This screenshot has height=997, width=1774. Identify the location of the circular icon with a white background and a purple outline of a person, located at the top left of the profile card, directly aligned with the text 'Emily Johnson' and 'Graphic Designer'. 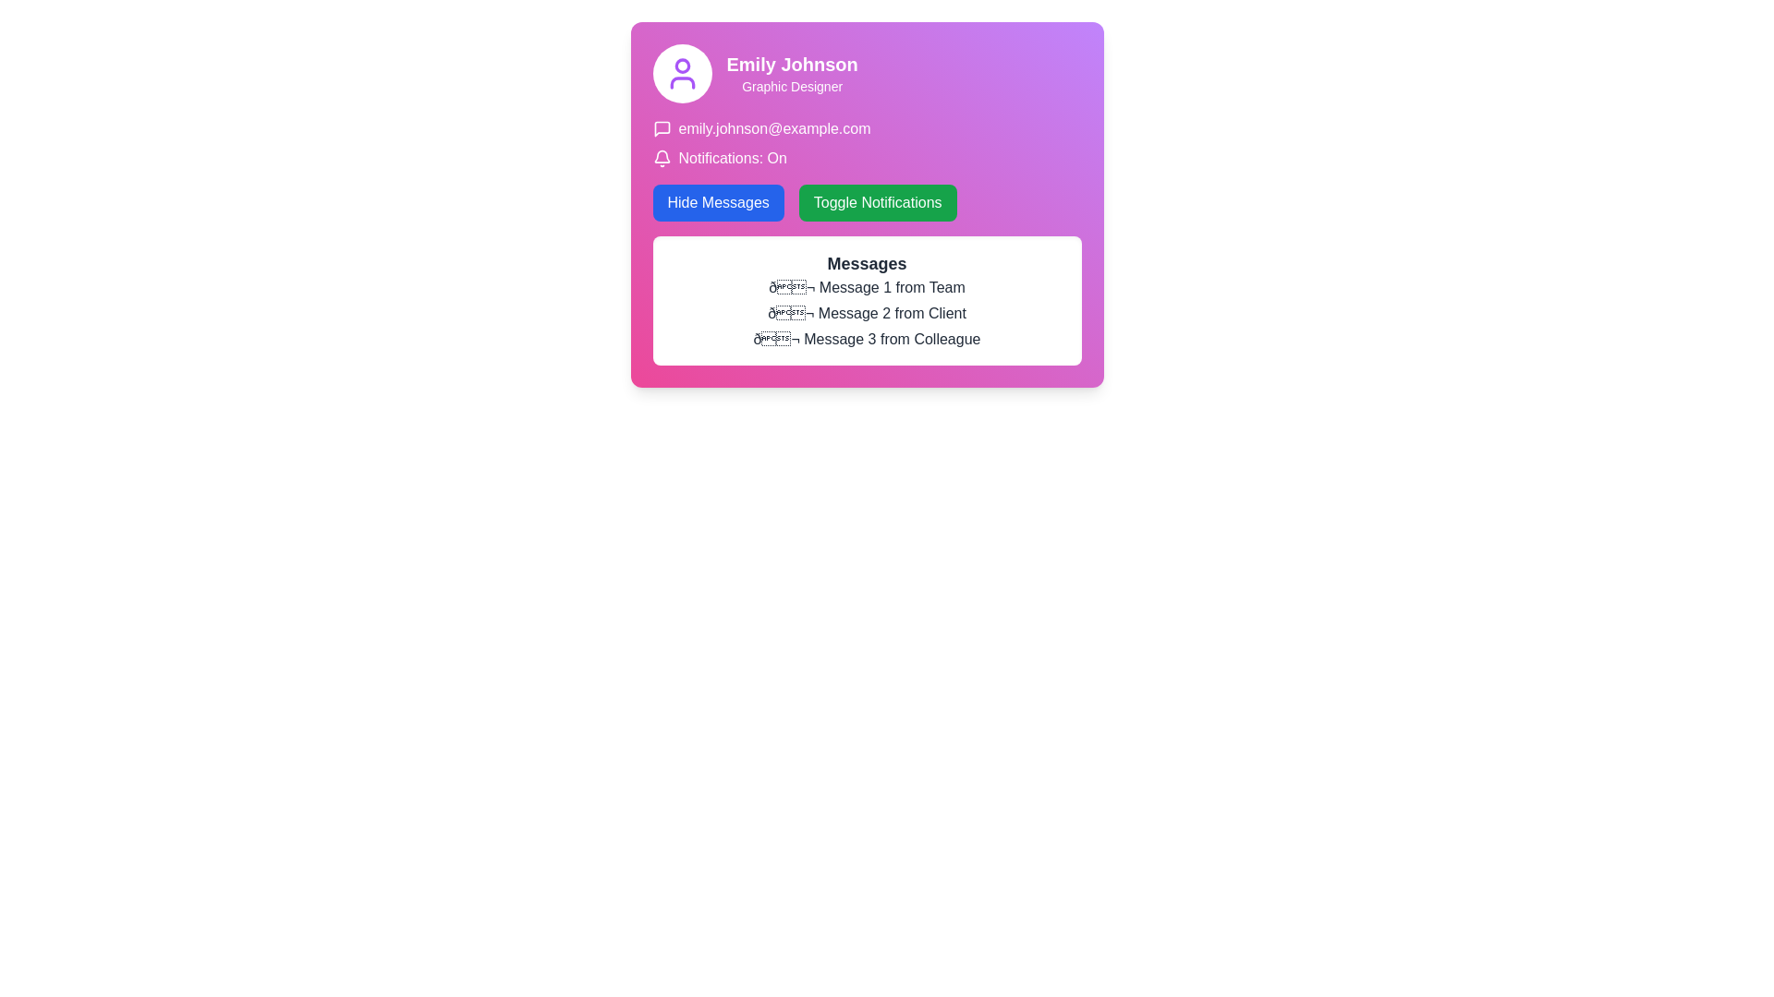
(681, 73).